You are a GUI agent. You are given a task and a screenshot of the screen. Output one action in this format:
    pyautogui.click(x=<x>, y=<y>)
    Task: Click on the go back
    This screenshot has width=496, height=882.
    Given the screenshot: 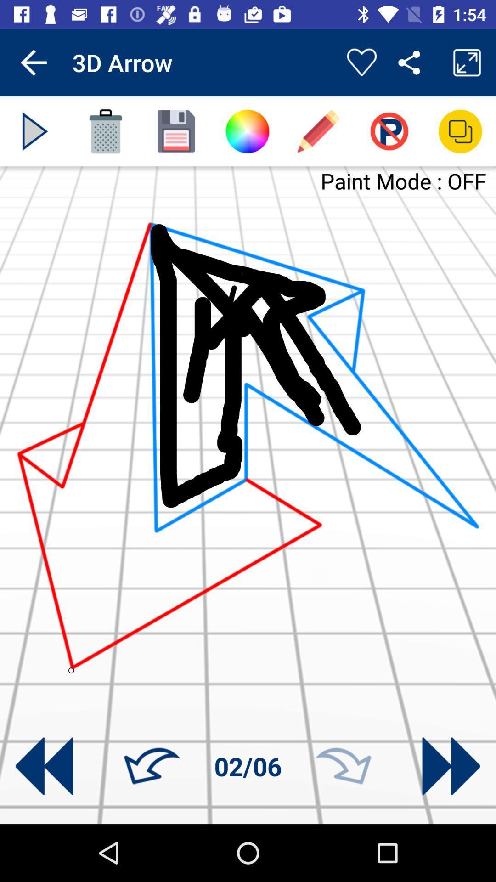 What is the action you would take?
    pyautogui.click(x=152, y=766)
    